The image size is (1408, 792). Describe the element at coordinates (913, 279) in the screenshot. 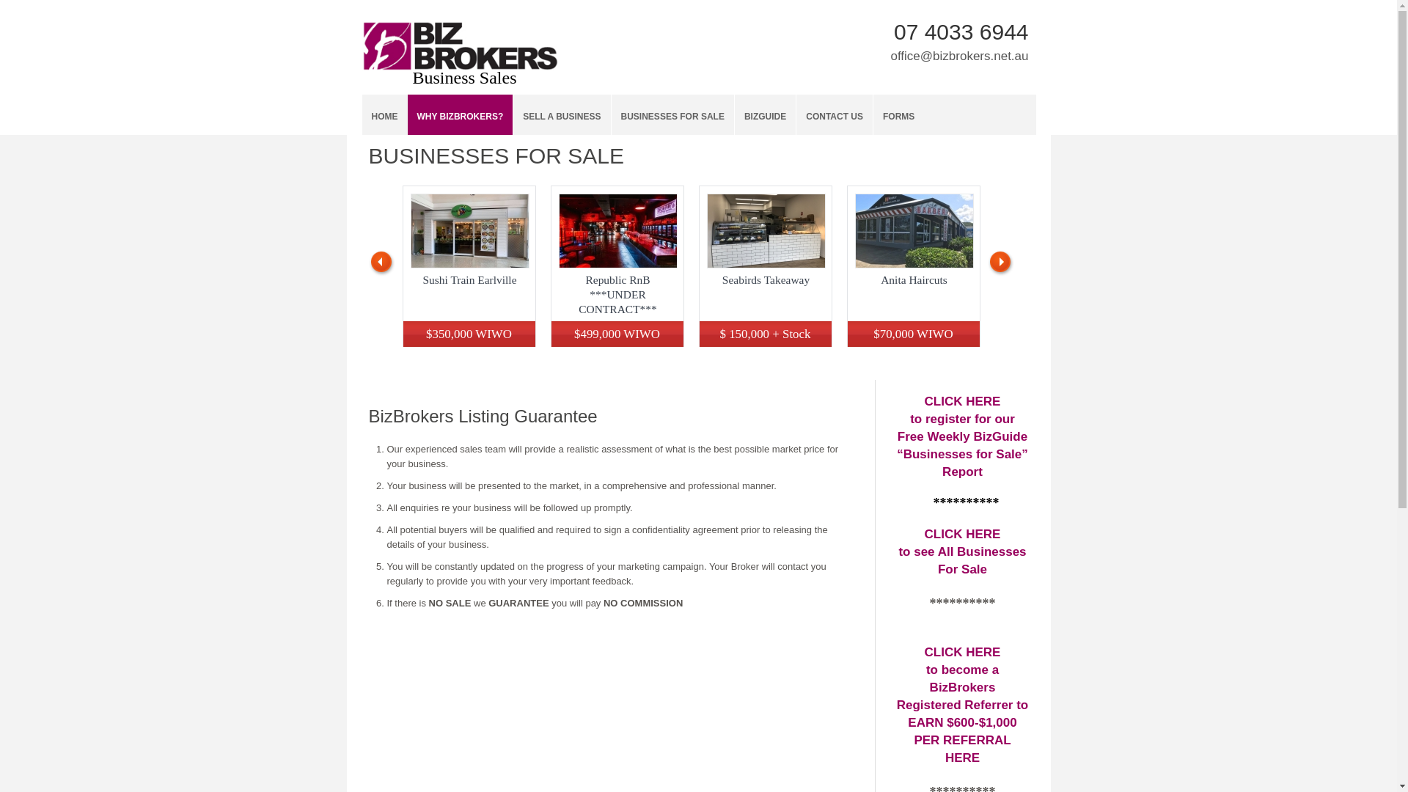

I see `'Anita Haircuts'` at that location.